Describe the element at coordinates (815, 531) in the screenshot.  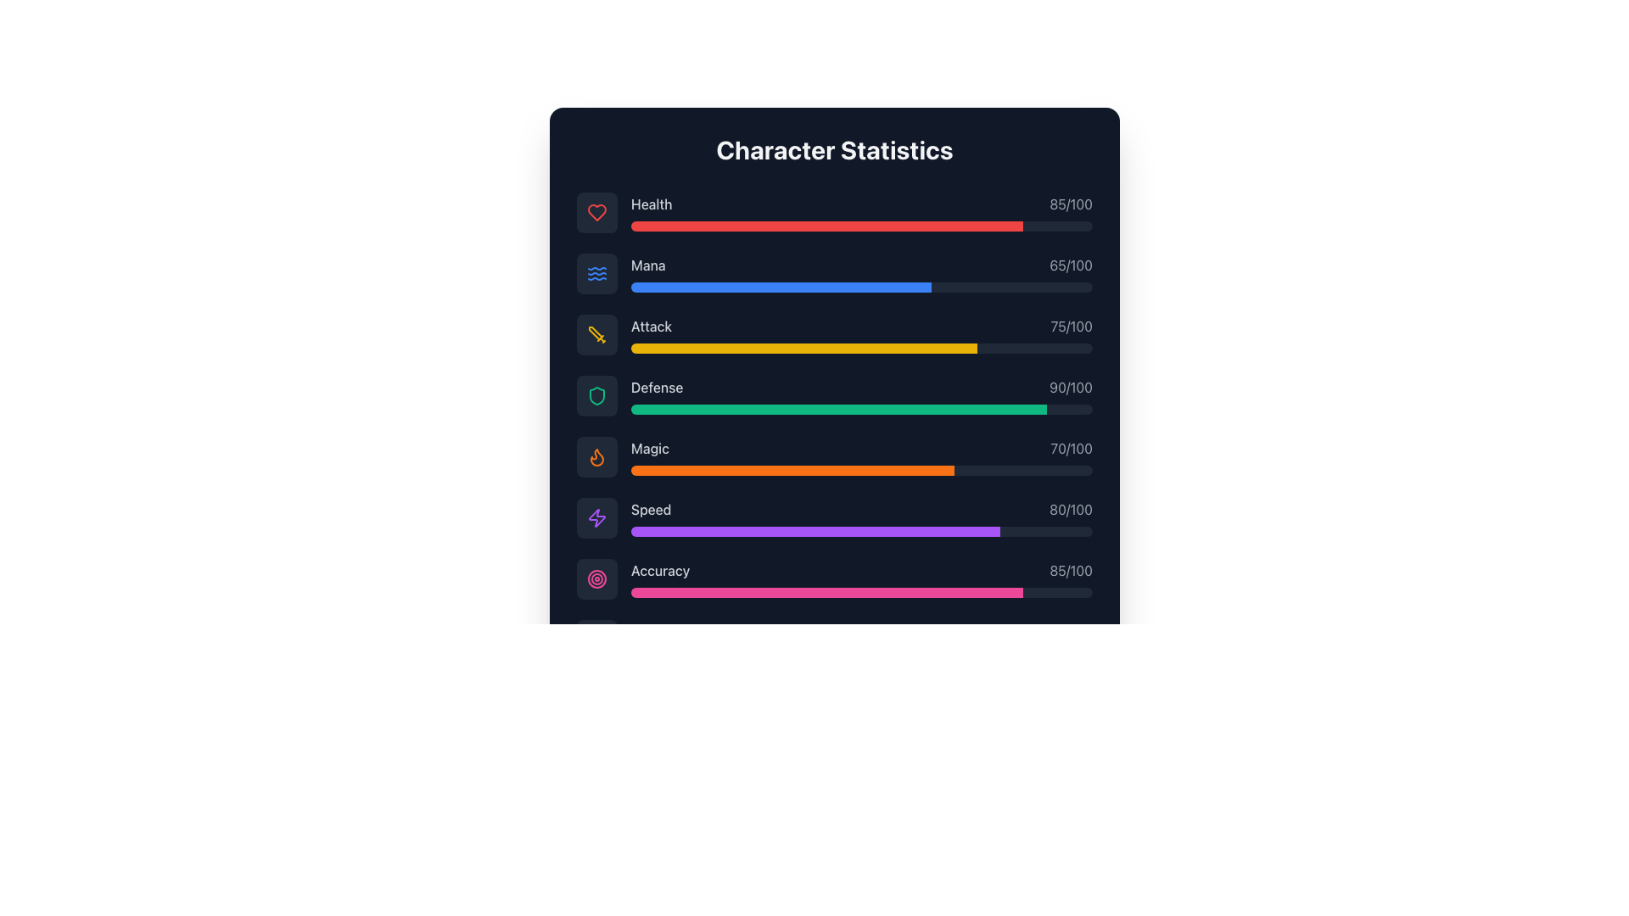
I see `the Progress bar representing the 'Speed' statistic, which shows 80% completion and is located in the sixth row of character statistics` at that location.